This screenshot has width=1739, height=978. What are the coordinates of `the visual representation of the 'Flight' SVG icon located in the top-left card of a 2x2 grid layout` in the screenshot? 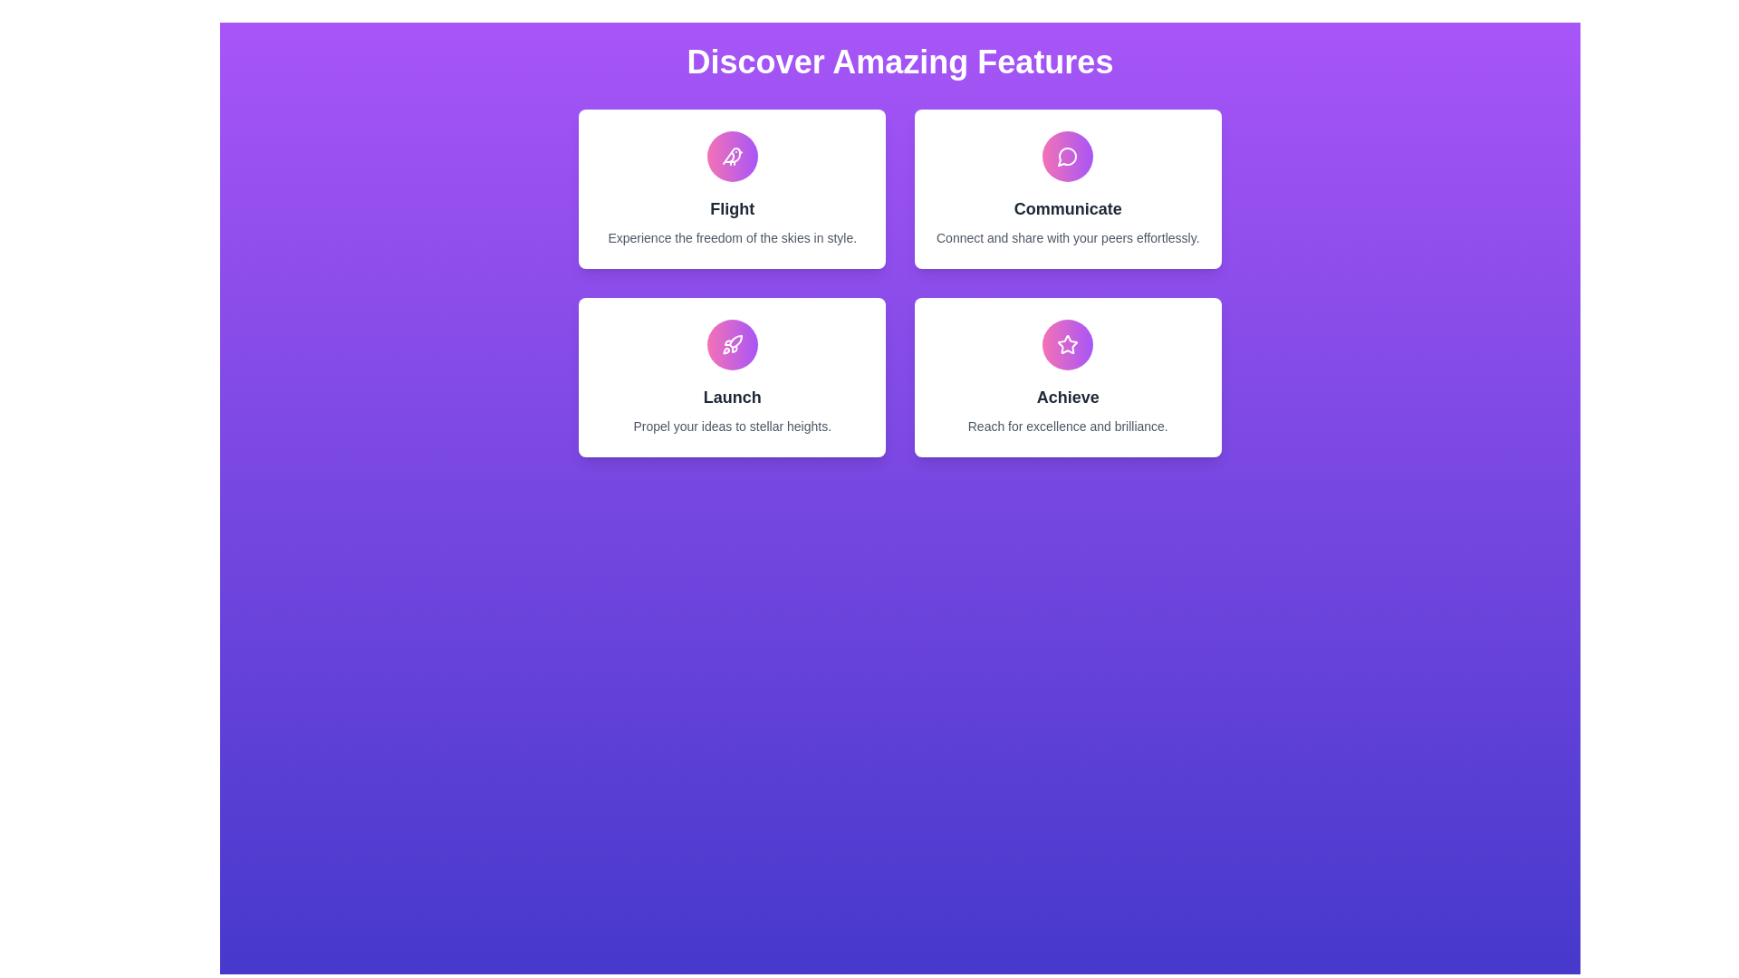 It's located at (732, 345).